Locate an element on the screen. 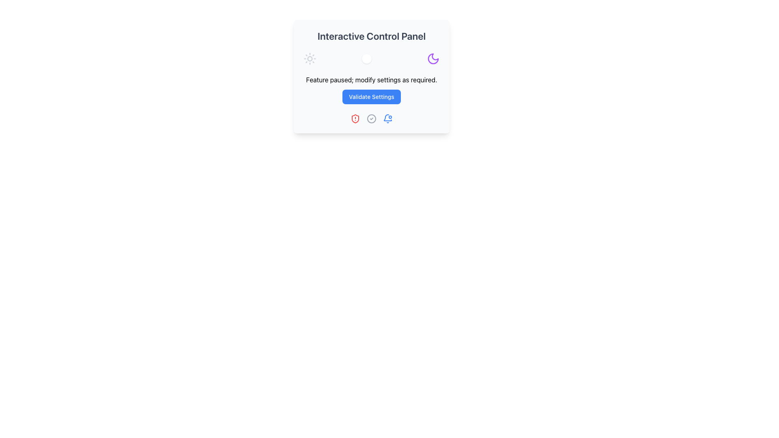  the night mode indicator icon located at the top-right corner of the 'Interactive Control Panel' card is located at coordinates (433, 58).